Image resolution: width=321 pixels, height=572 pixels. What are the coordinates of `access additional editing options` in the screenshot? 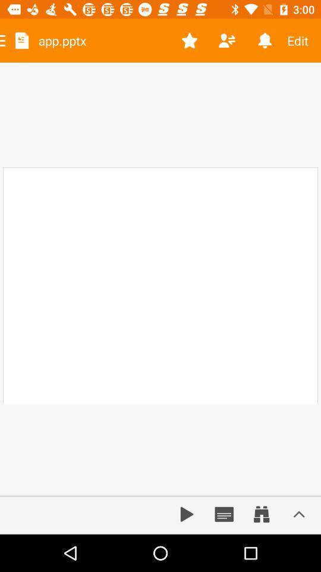 It's located at (298, 514).